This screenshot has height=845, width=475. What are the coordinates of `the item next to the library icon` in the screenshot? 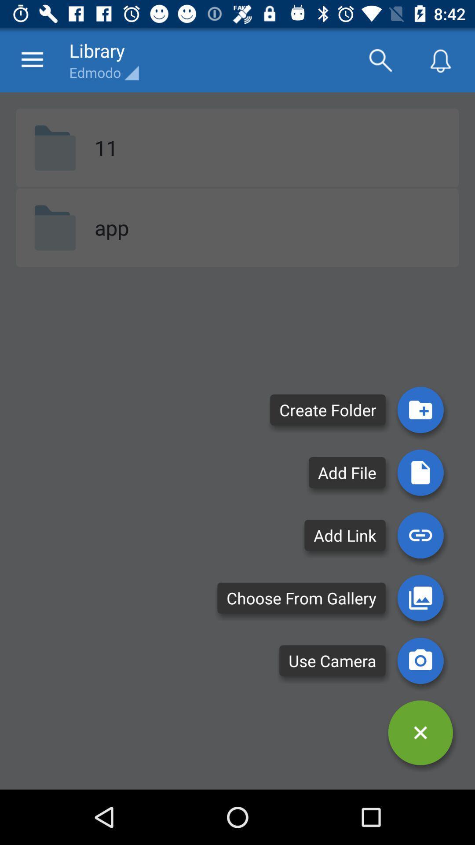 It's located at (32, 59).